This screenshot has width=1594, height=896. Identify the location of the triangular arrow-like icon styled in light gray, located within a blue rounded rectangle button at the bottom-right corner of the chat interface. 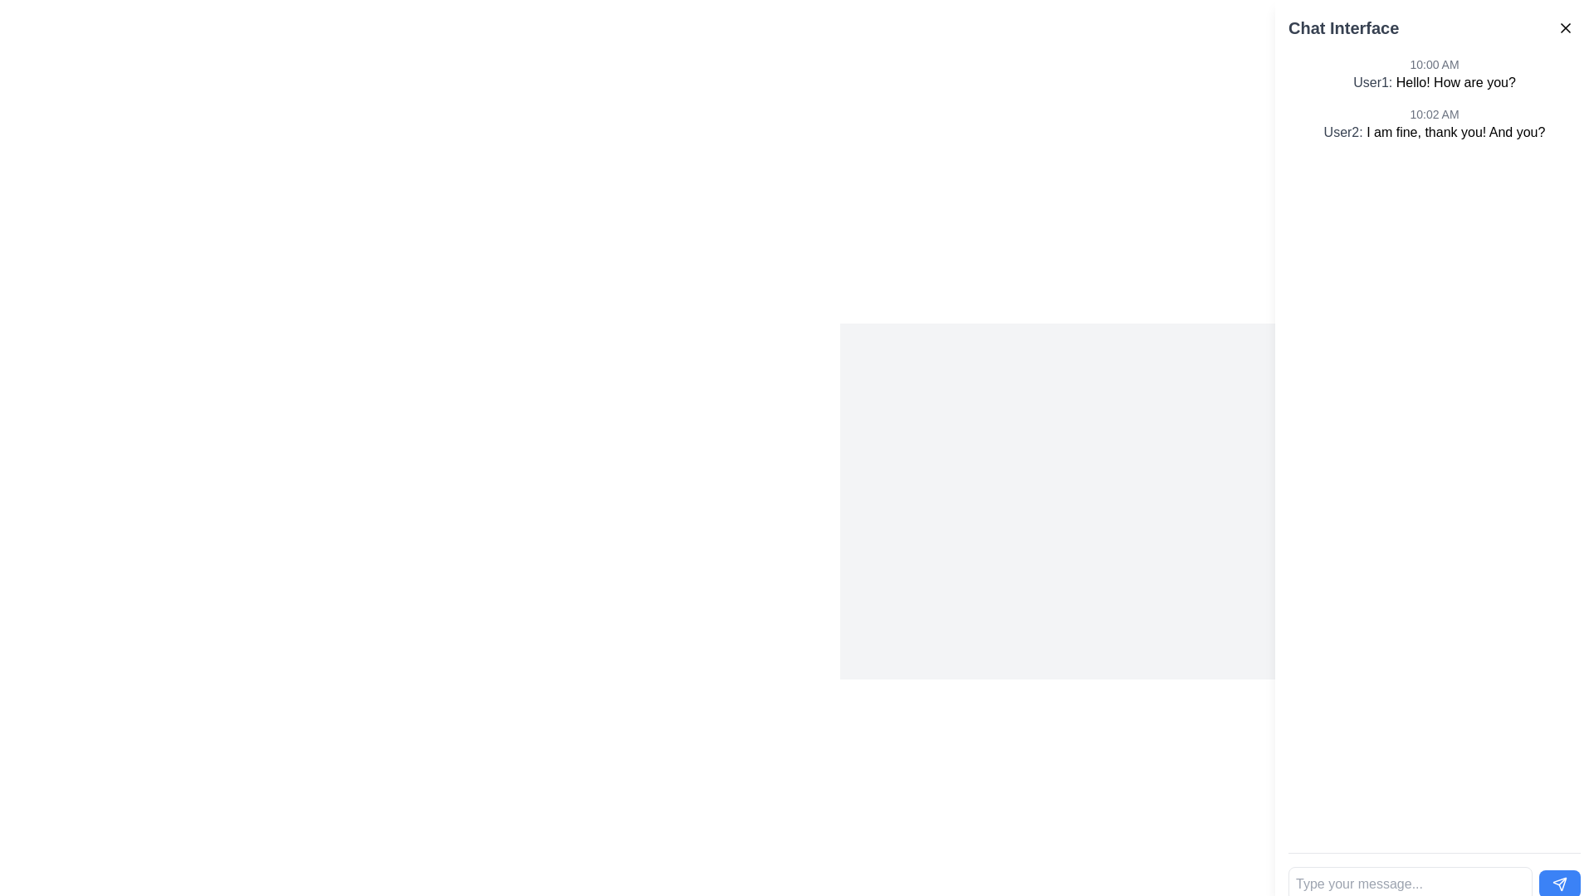
(1558, 883).